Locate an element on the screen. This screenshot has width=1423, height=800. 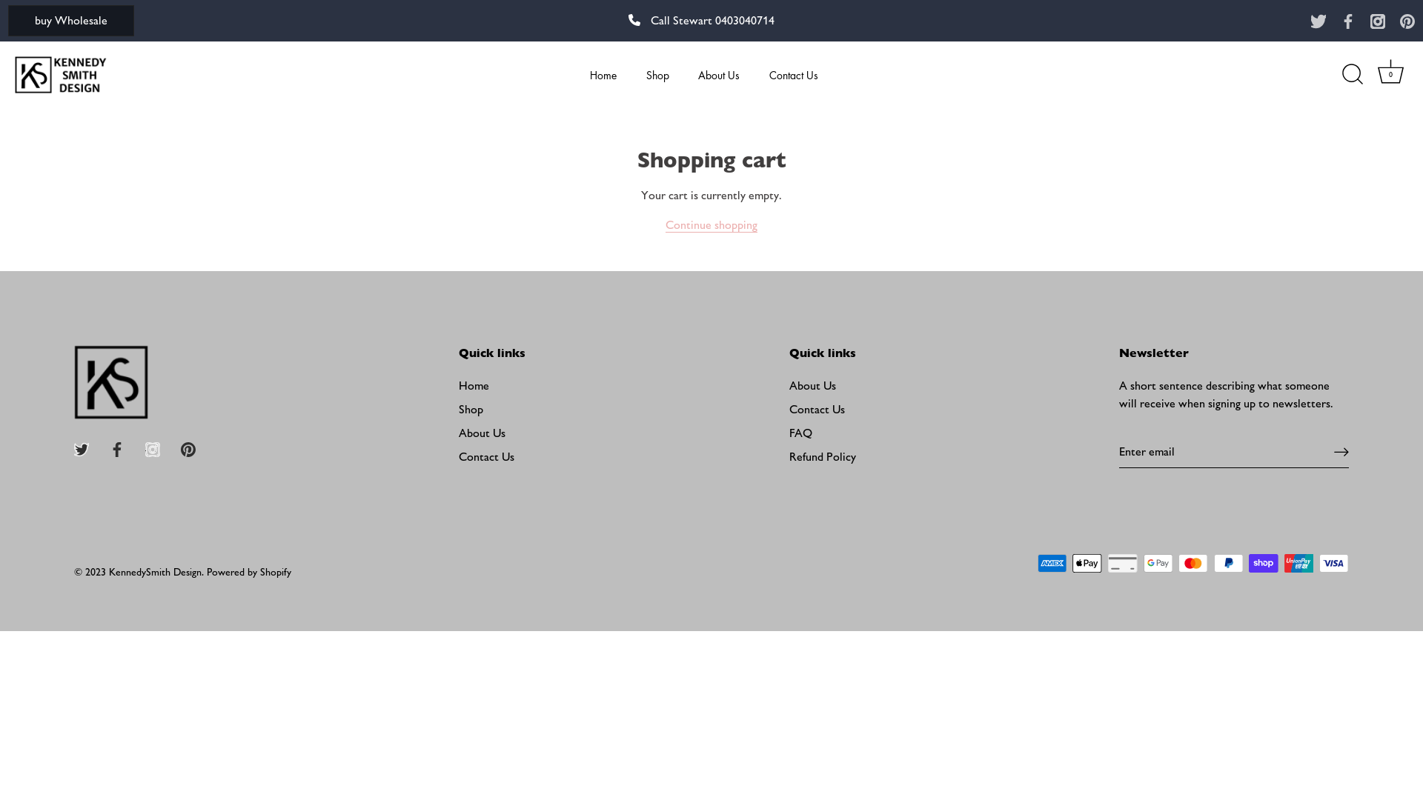
'Contact Us' is located at coordinates (793, 74).